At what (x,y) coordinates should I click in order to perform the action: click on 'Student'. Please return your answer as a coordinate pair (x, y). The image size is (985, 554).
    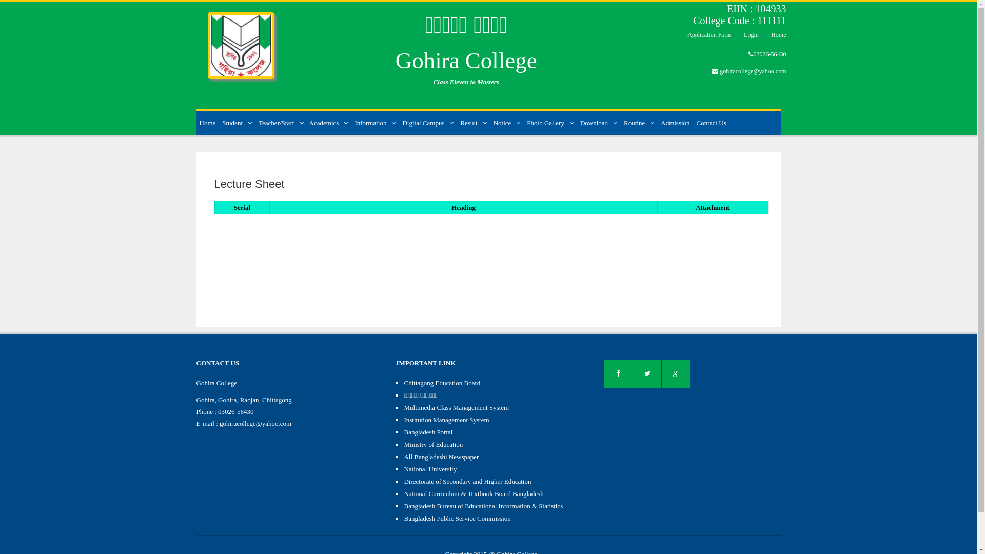
    Looking at the image, I should click on (236, 122).